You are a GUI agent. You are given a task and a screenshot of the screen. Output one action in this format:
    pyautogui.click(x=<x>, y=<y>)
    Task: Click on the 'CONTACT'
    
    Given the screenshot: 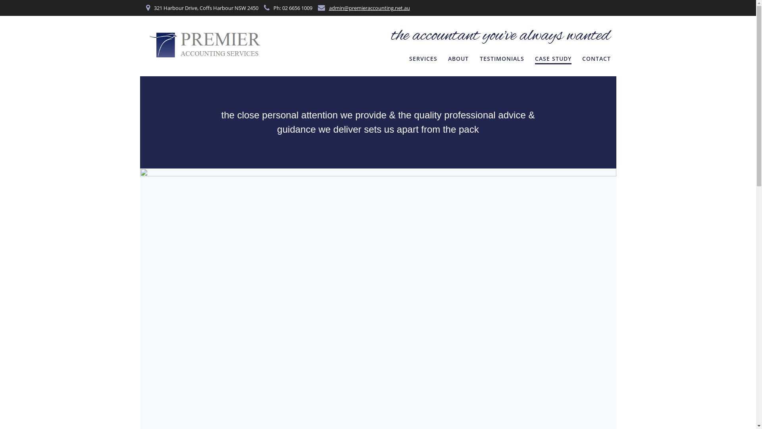 What is the action you would take?
    pyautogui.click(x=582, y=59)
    